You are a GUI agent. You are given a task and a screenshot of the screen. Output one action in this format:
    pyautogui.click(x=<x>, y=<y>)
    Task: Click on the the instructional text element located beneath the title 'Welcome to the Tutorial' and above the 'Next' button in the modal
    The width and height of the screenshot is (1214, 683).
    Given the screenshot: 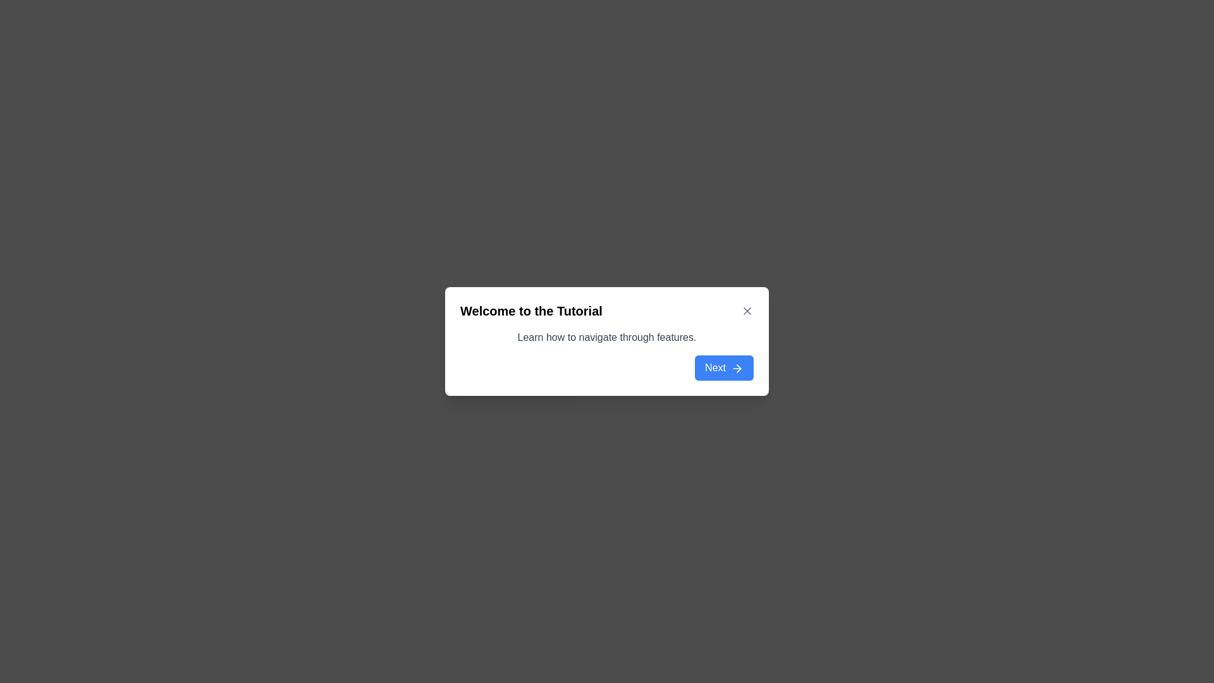 What is the action you would take?
    pyautogui.click(x=607, y=336)
    